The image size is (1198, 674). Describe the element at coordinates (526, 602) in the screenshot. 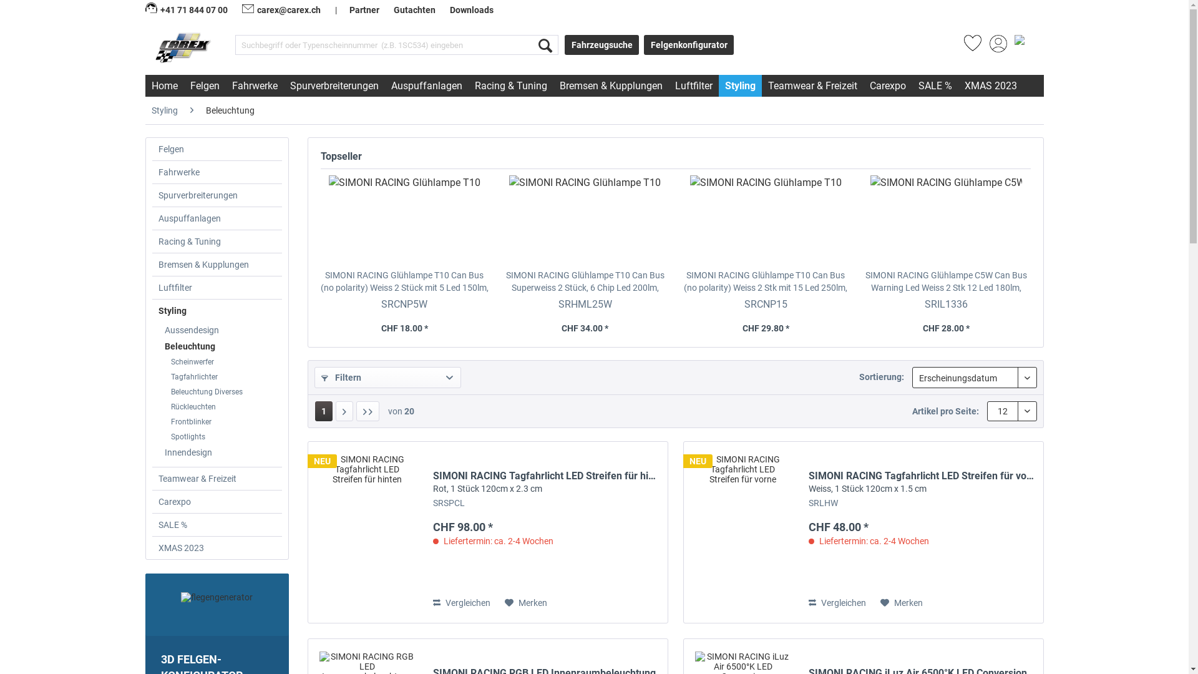

I see `'Merken'` at that location.